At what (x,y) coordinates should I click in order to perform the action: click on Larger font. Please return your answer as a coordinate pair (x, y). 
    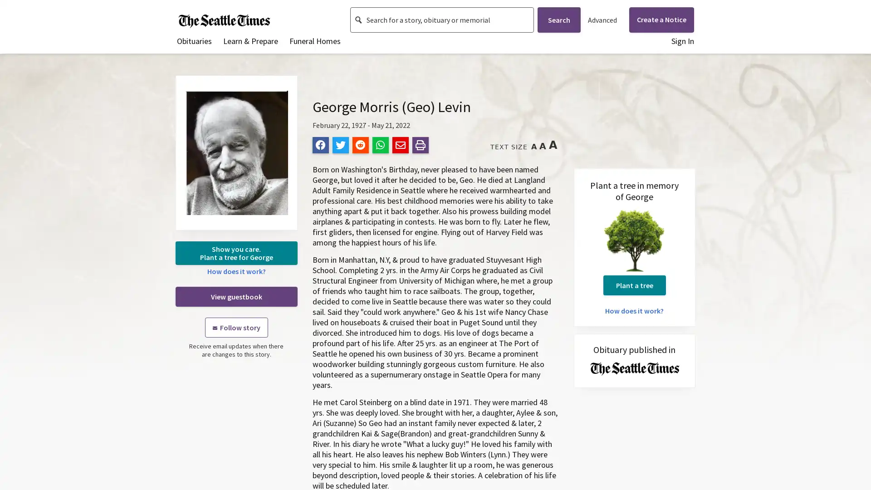
    Looking at the image, I should click on (542, 146).